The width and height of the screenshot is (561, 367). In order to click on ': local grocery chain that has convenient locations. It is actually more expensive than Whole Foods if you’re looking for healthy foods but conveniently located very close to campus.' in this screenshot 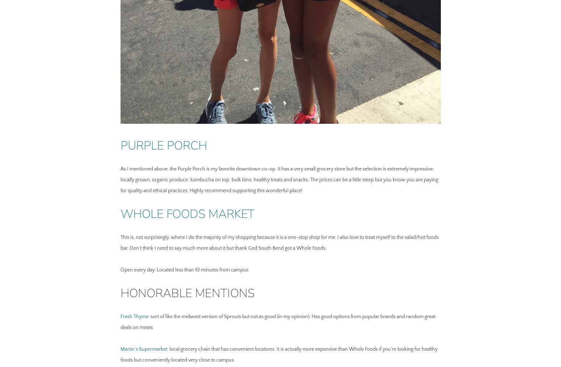, I will do `click(279, 355)`.